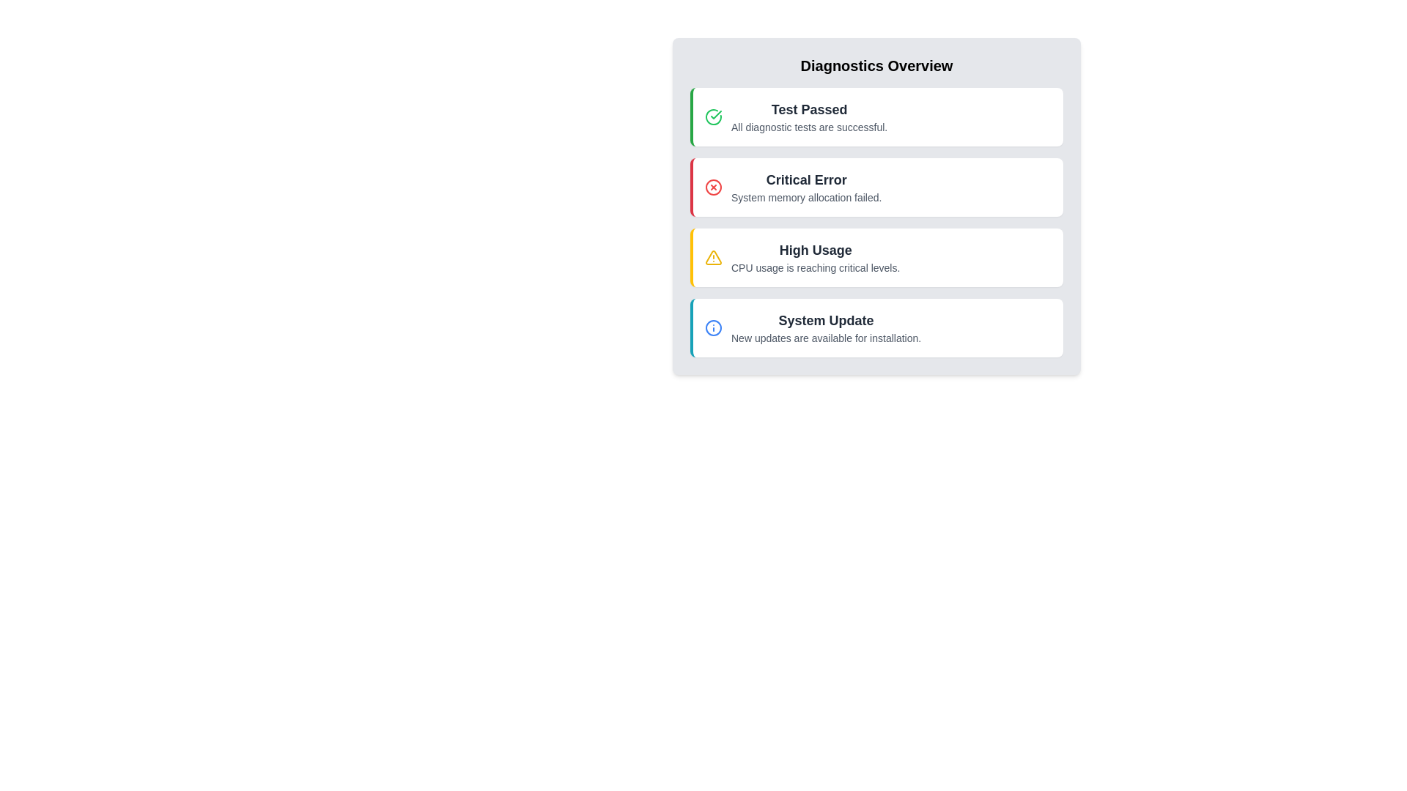  I want to click on the text label displaying 'Critical Error', so click(805, 179).